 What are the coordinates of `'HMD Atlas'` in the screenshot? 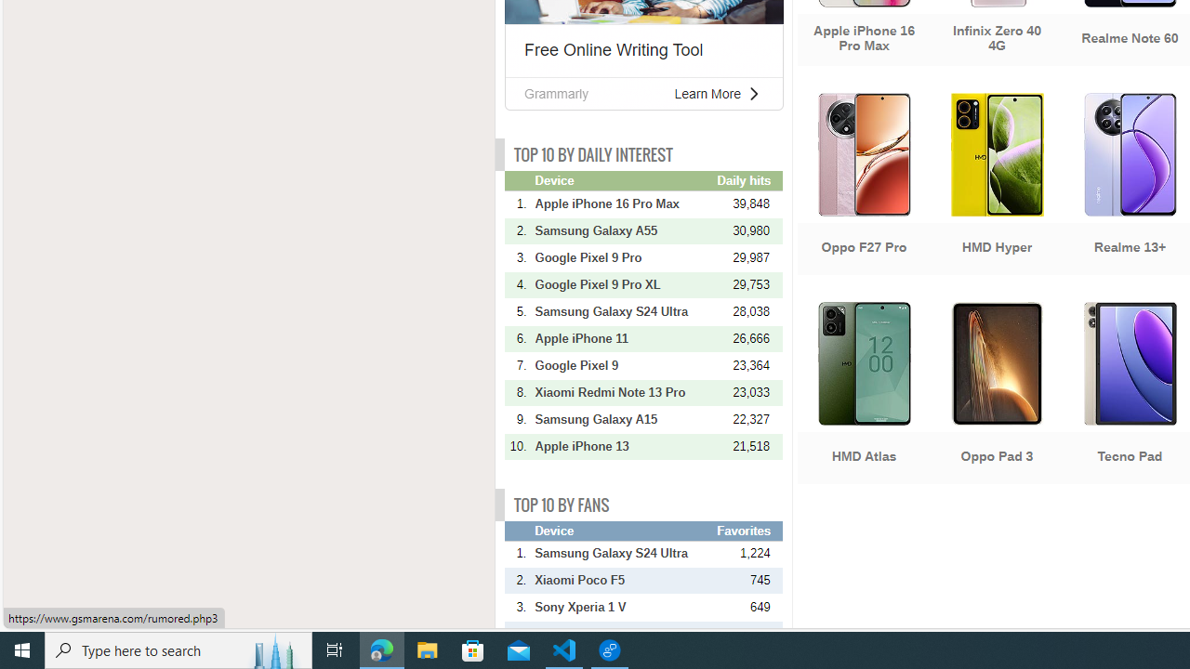 It's located at (863, 394).